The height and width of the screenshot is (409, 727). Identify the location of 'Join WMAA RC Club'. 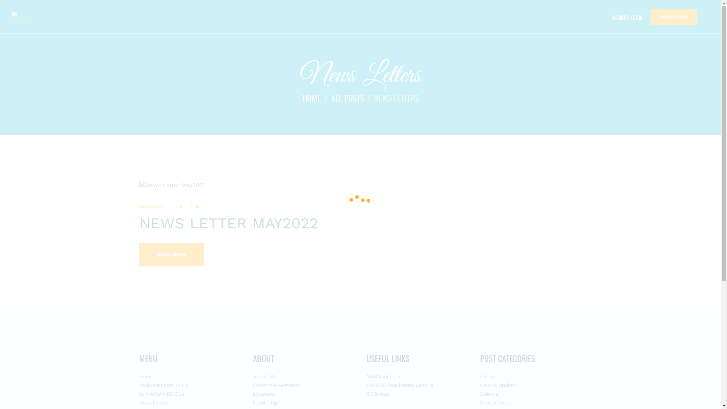
(139, 394).